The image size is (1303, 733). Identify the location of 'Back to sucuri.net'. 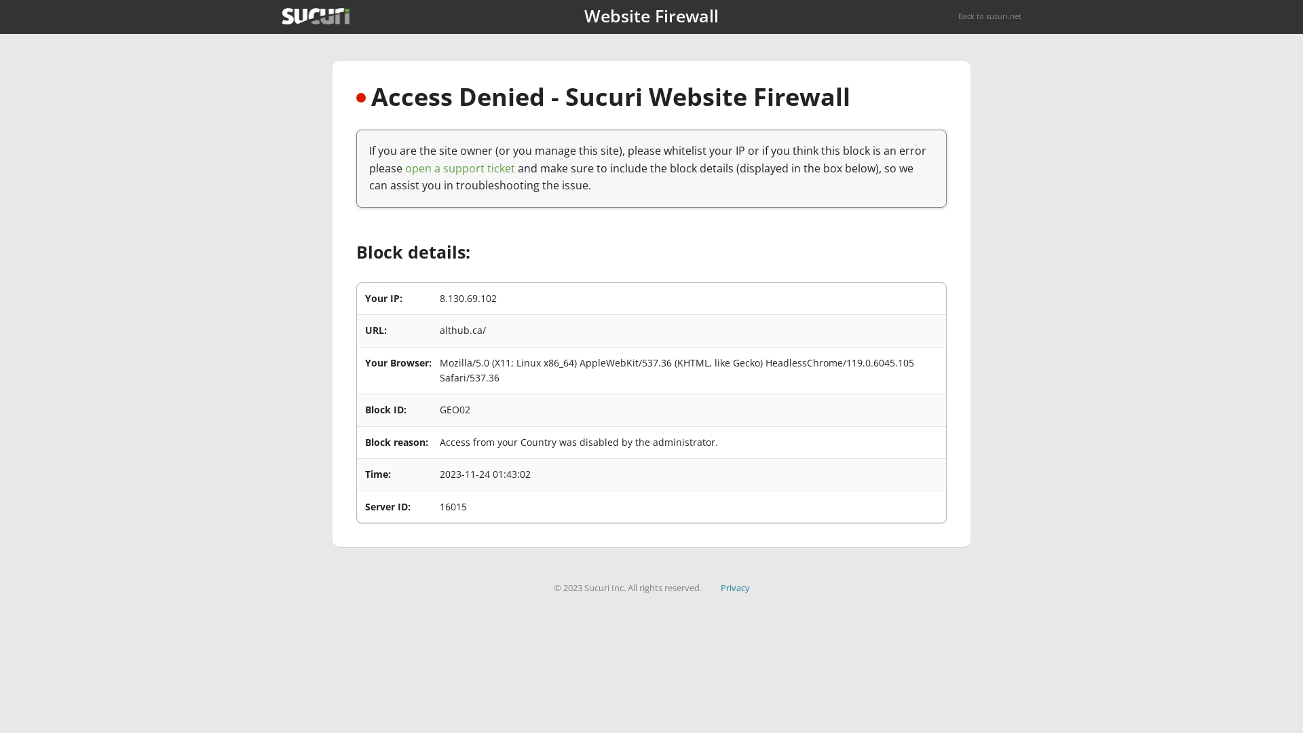
(957, 16).